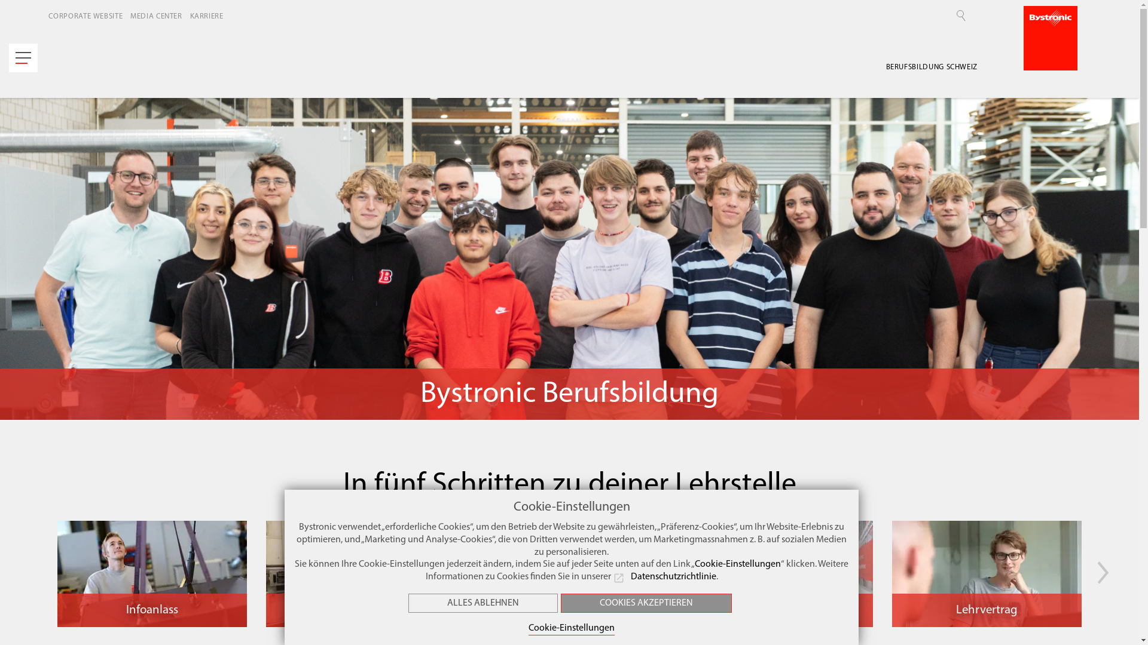  Describe the element at coordinates (209, 16) in the screenshot. I see `'KARRIERE'` at that location.